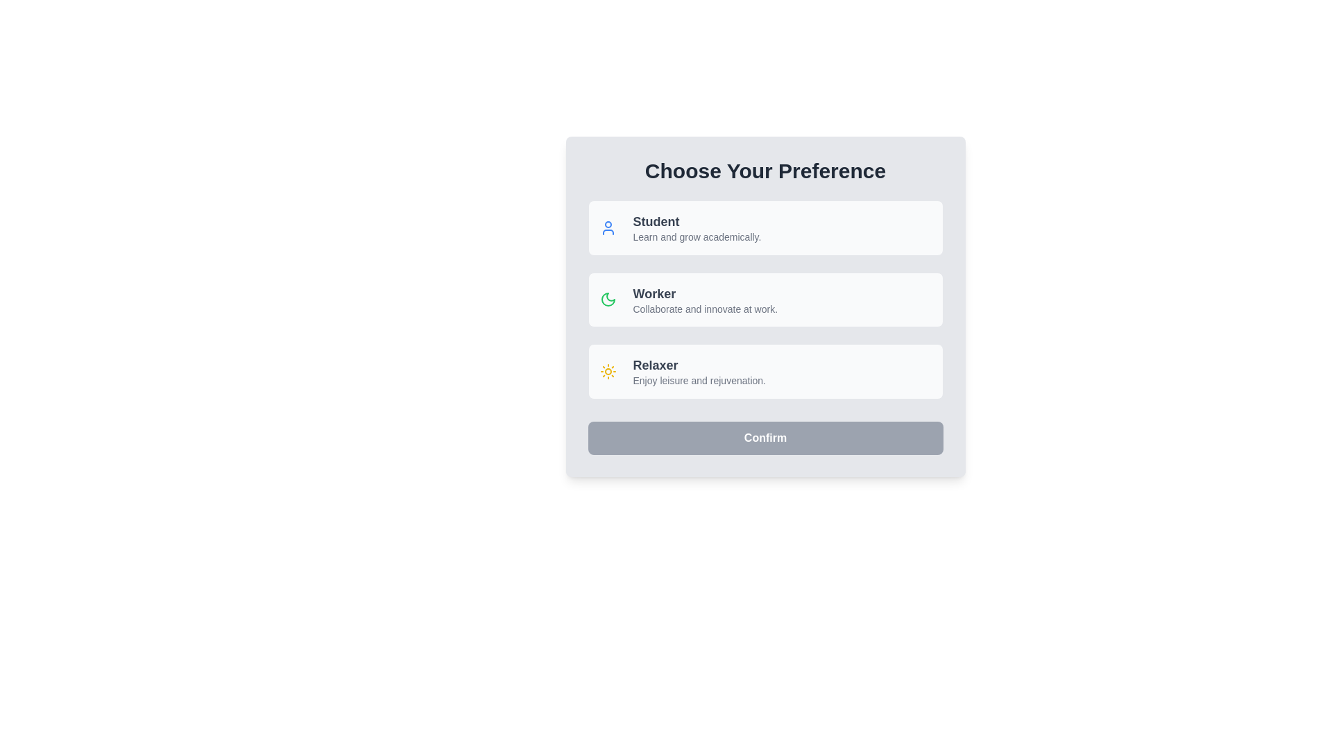  Describe the element at coordinates (683, 370) in the screenshot. I see `the third selectable card option labeled 'Relaxer' in the vertical list of preferences for leisure and relaxation` at that location.